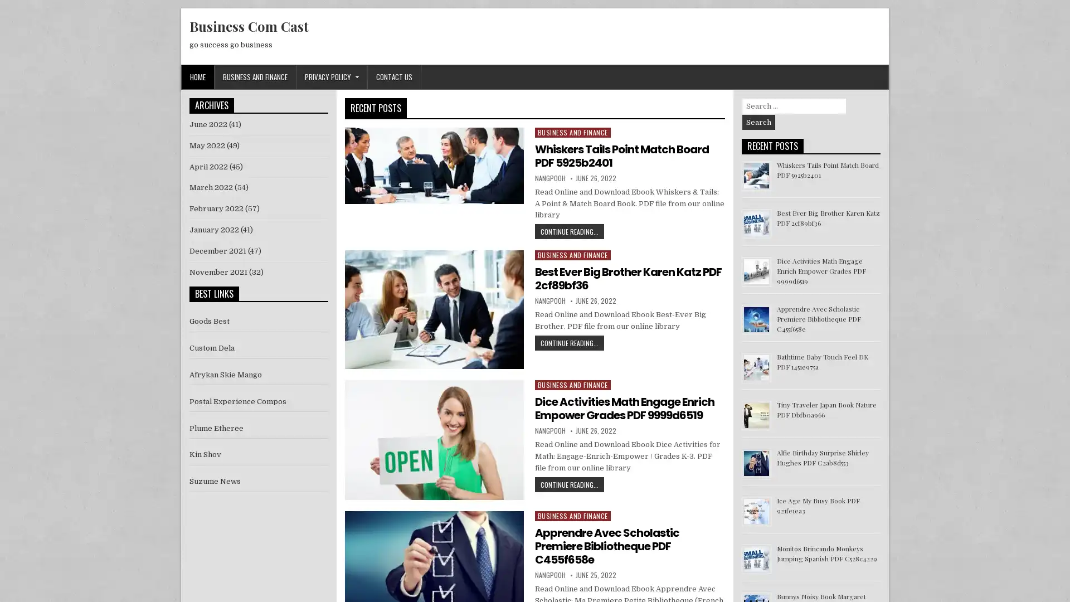 The height and width of the screenshot is (602, 1070). What do you see at coordinates (758, 122) in the screenshot?
I see `Search` at bounding box center [758, 122].